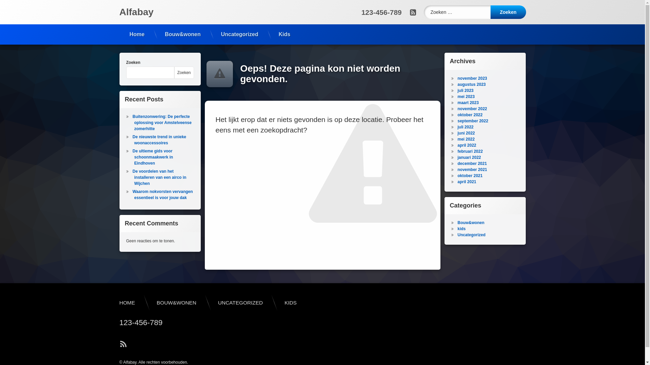 Image resolution: width=650 pixels, height=365 pixels. What do you see at coordinates (159, 177) in the screenshot?
I see `'De voordelen van het installeren van een airco in Wijchen'` at bounding box center [159, 177].